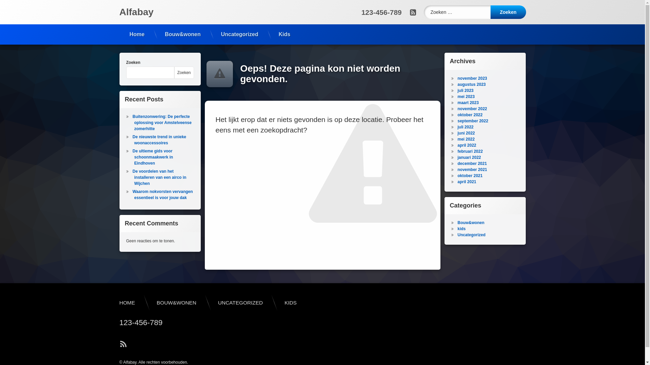 Image resolution: width=650 pixels, height=365 pixels. What do you see at coordinates (159, 177) in the screenshot?
I see `'De voordelen van het installeren van een airco in Wijchen'` at bounding box center [159, 177].